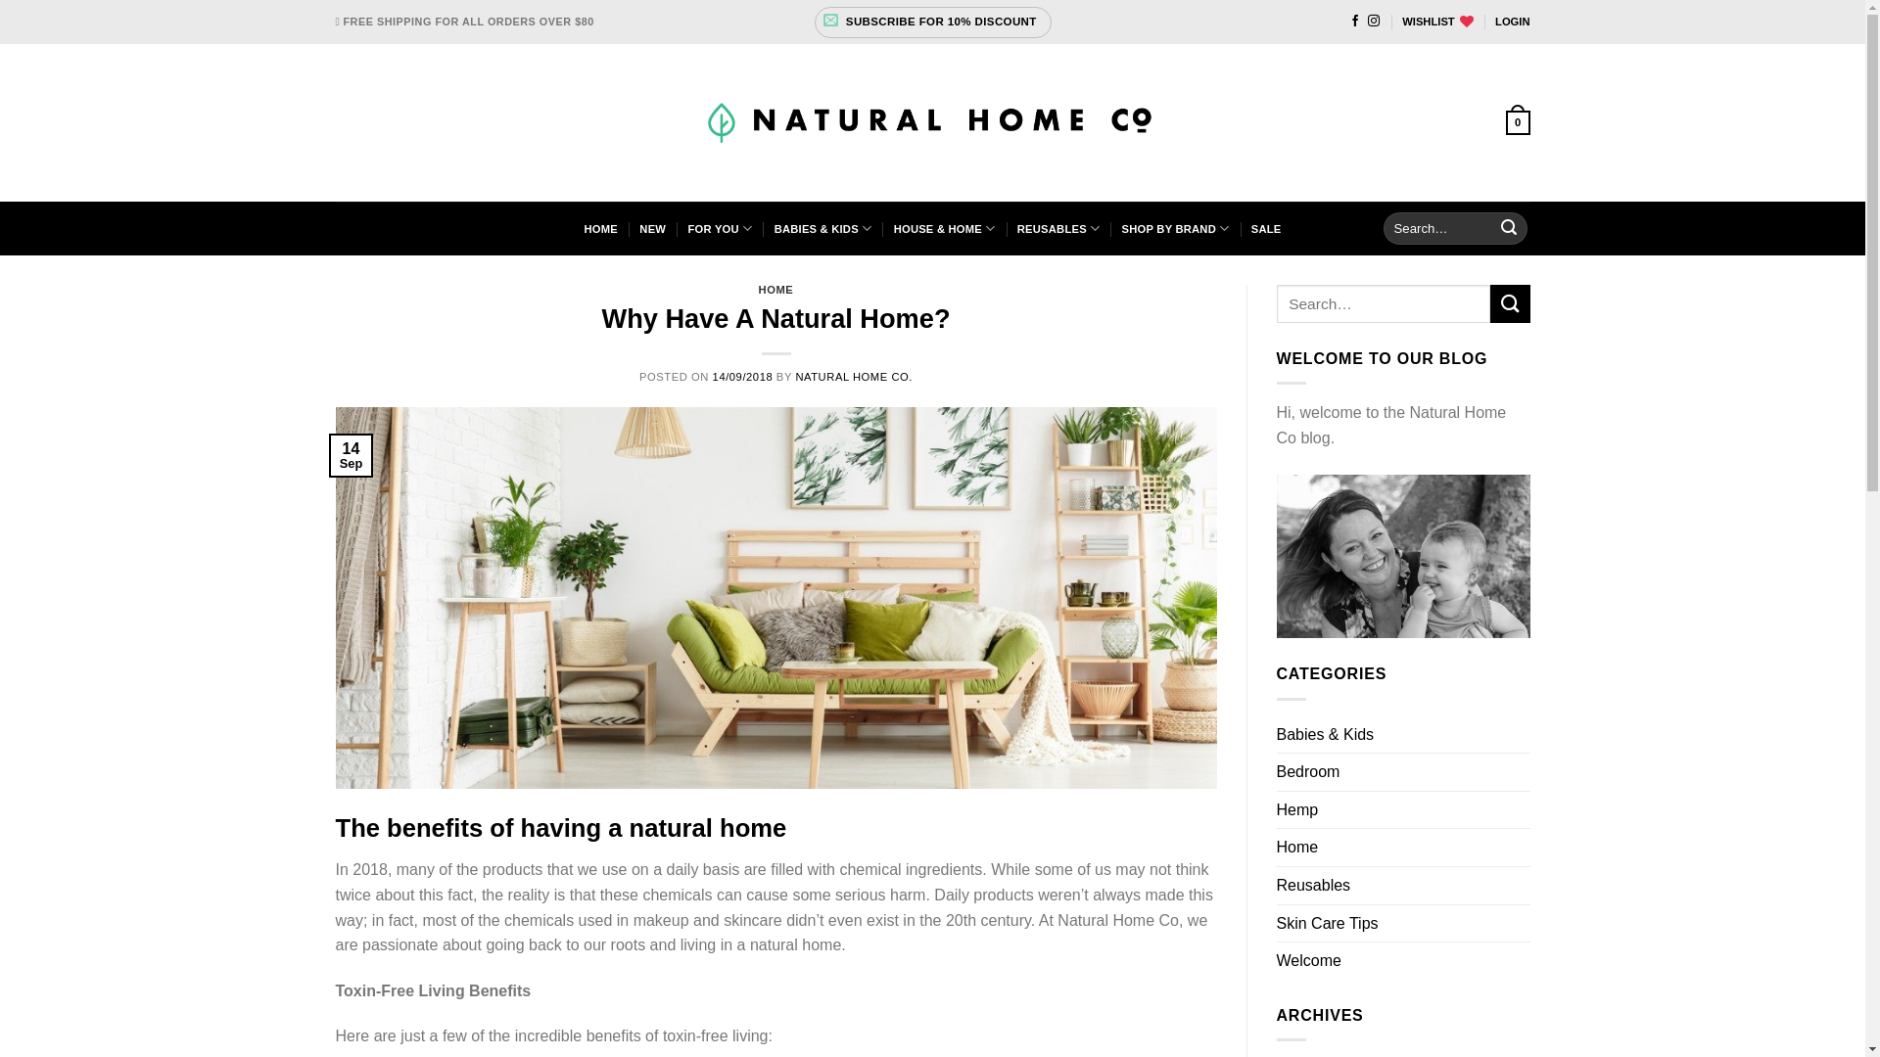 This screenshot has width=1880, height=1057. What do you see at coordinates (1308, 771) in the screenshot?
I see `'Bedroom'` at bounding box center [1308, 771].